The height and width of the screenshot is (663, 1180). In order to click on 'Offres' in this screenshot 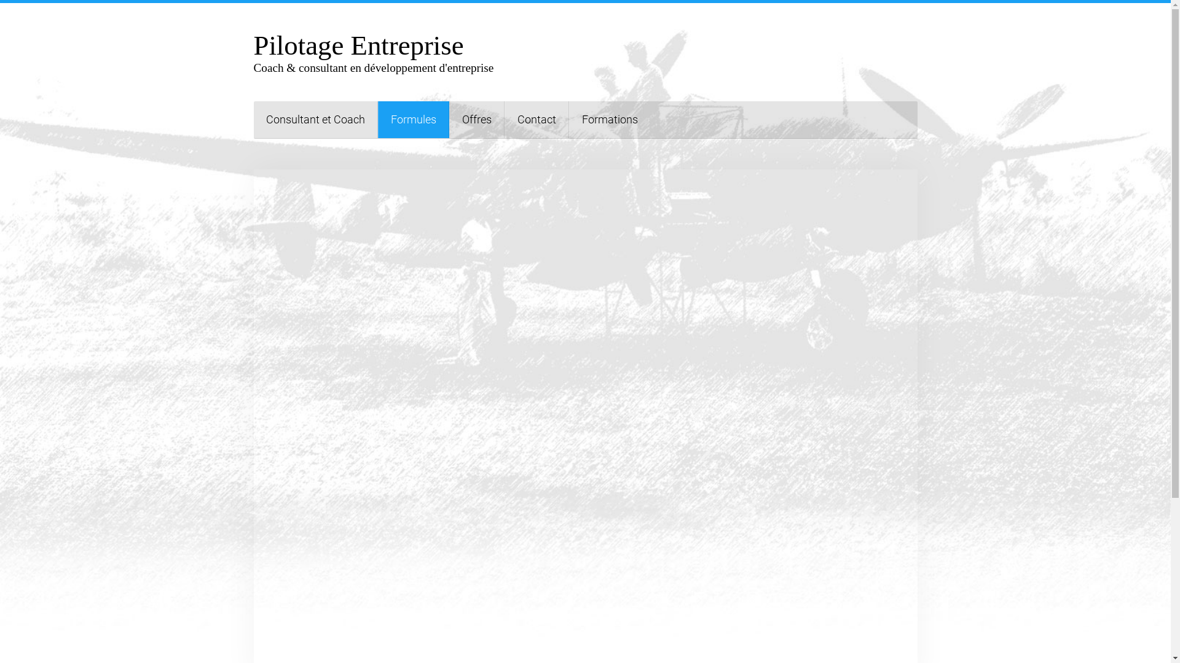, I will do `click(475, 120)`.